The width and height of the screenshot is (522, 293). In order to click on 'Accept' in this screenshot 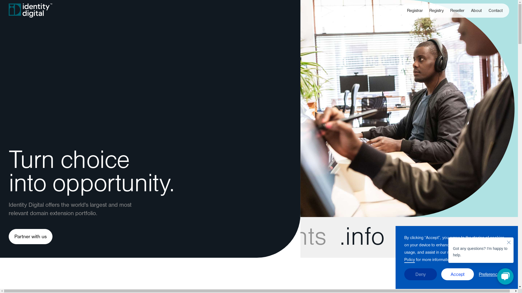, I will do `click(457, 274)`.